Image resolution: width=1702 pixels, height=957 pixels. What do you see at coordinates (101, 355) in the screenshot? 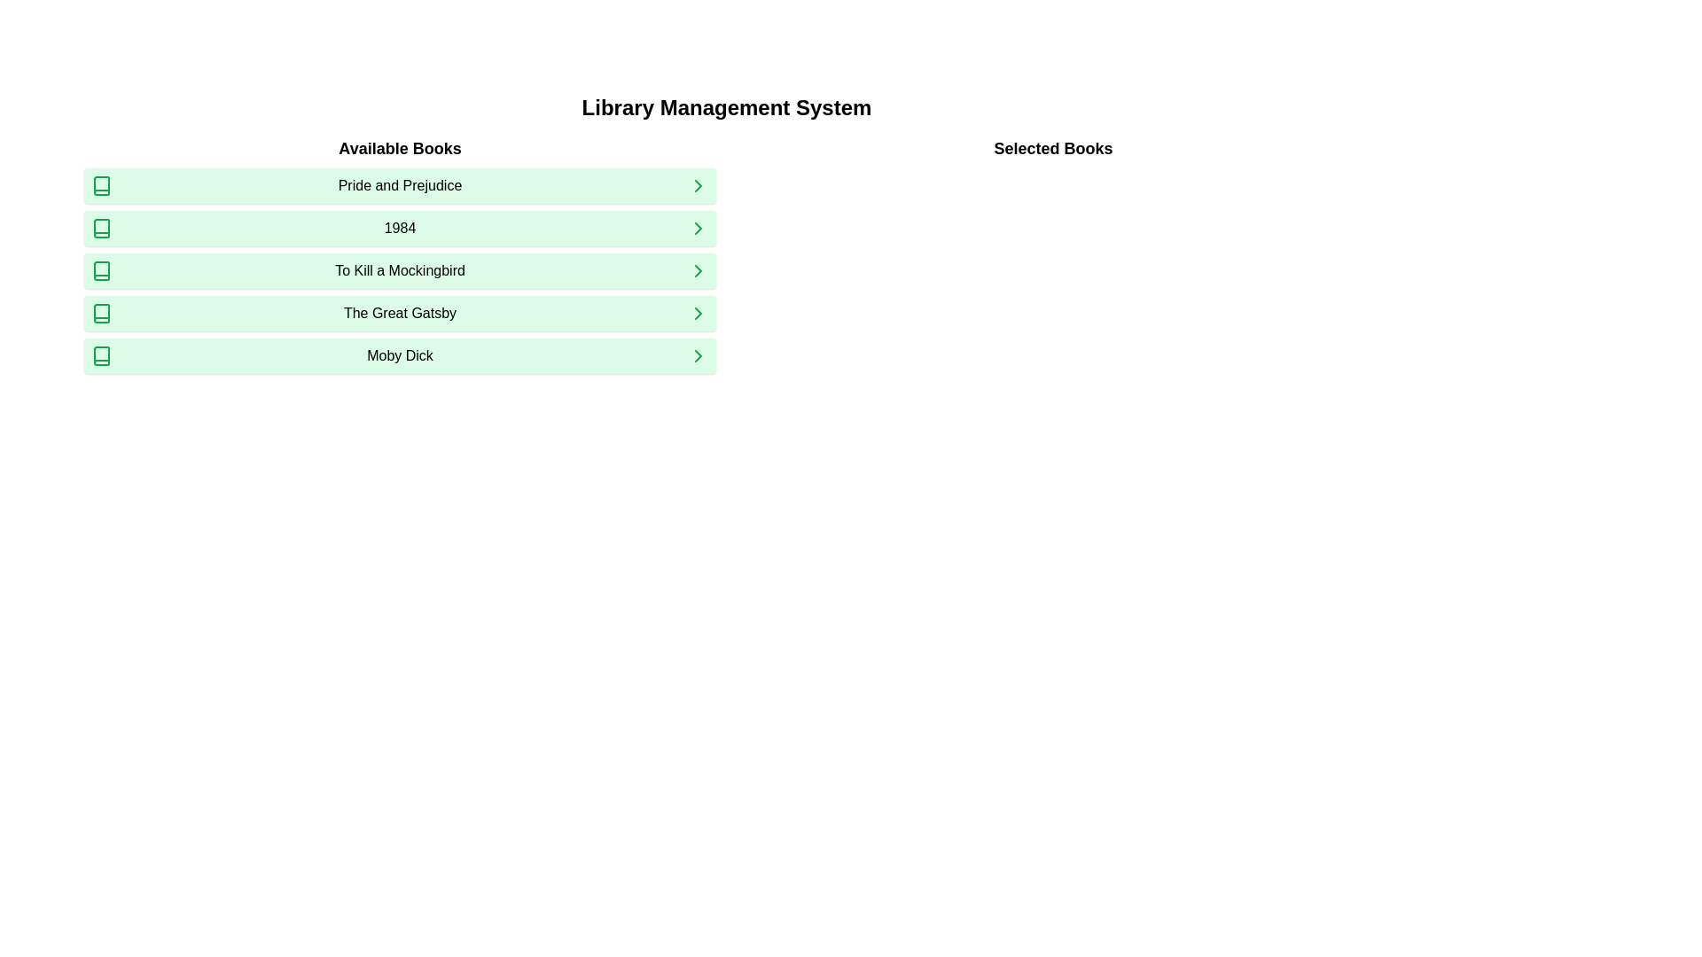
I see `the decorative icon adjacent to the book title 'Moby Dick' in the last row of the 'Available Books' section` at bounding box center [101, 355].